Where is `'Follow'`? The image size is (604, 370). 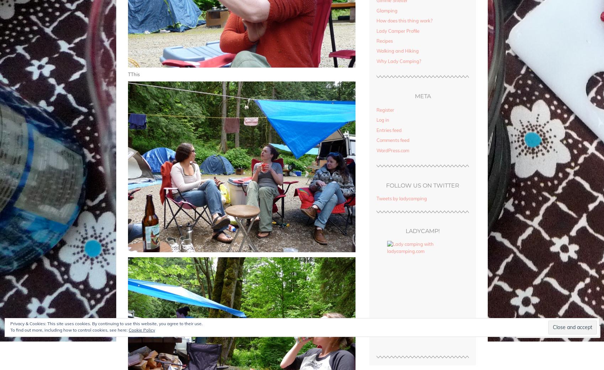
'Follow' is located at coordinates (574, 332).